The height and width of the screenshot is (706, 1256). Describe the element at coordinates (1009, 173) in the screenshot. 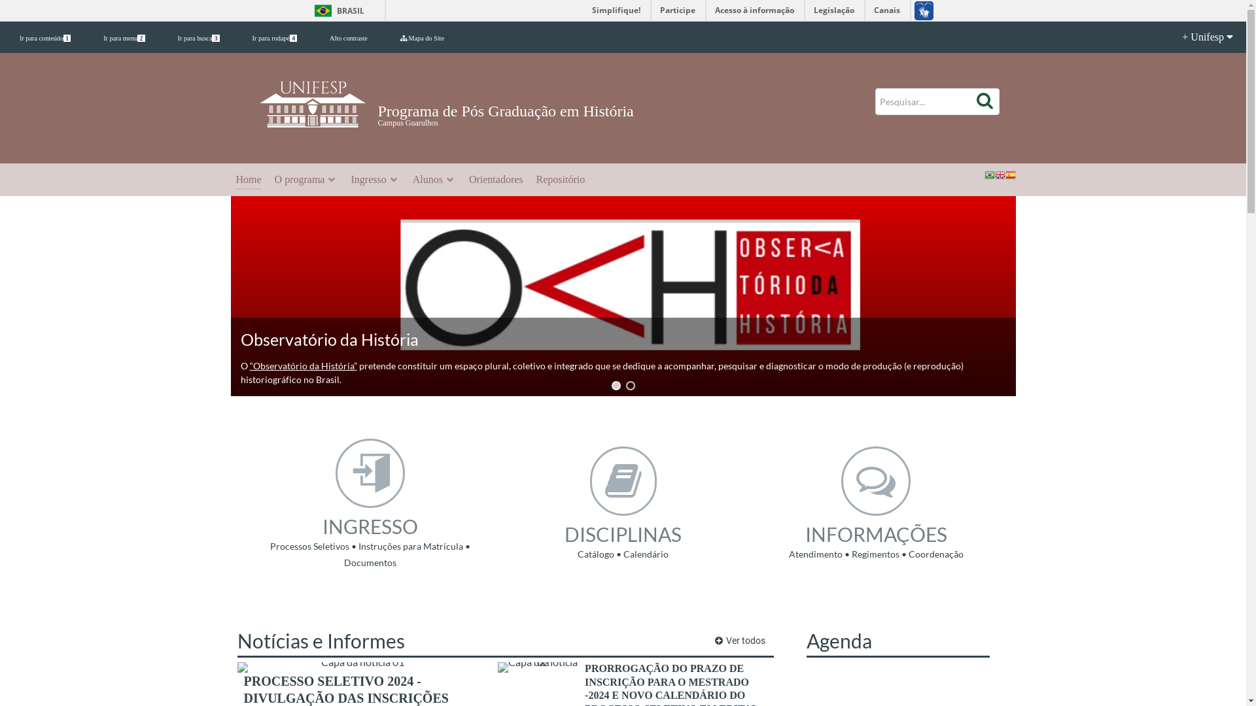

I see `'Spanish'` at that location.